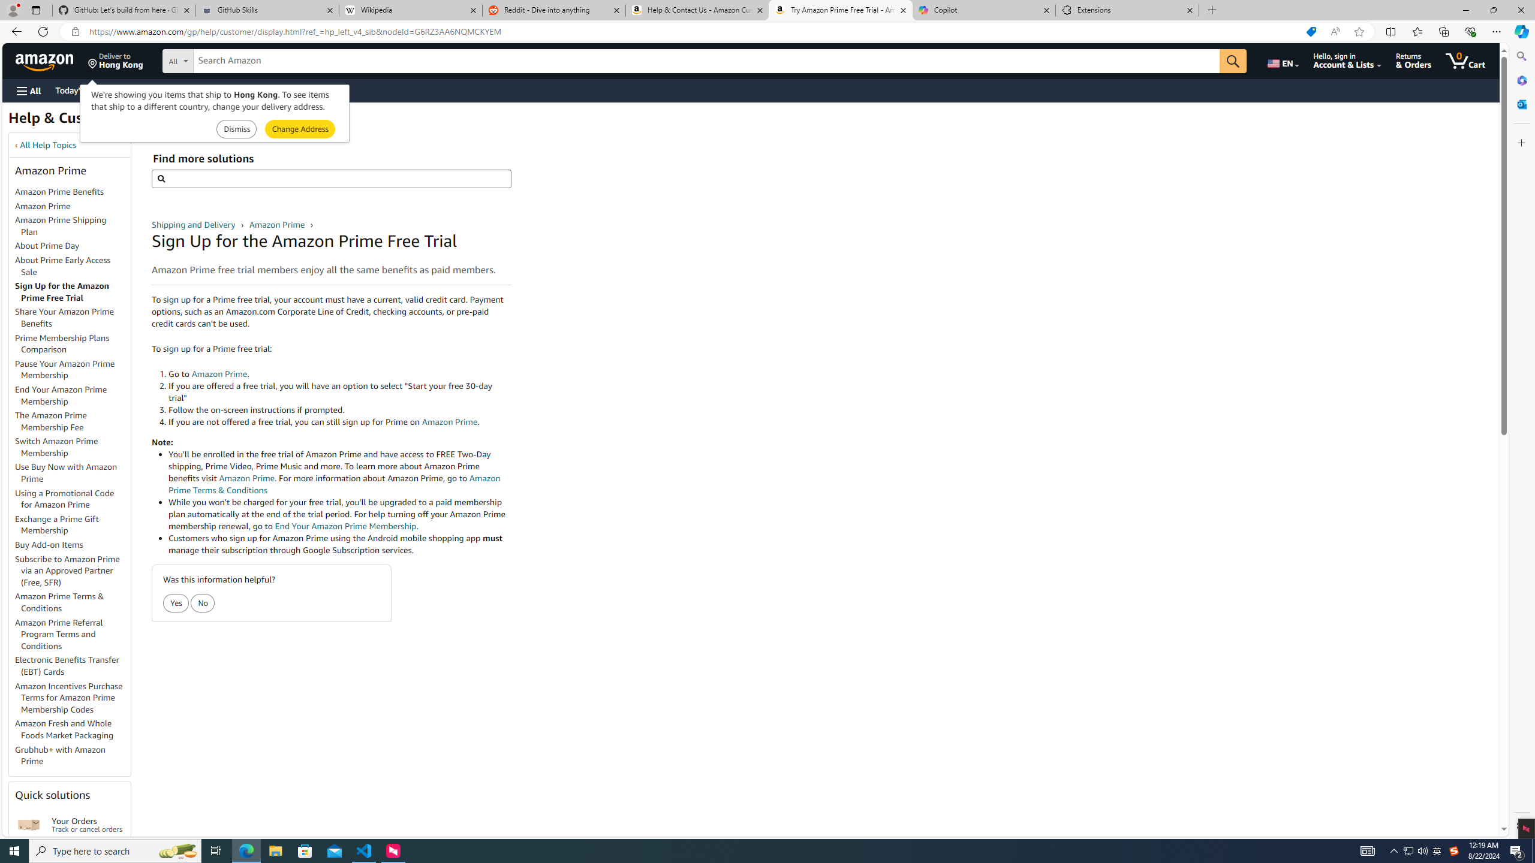 The height and width of the screenshot is (863, 1535). I want to click on 'Shipping and Delivery ', so click(195, 225).